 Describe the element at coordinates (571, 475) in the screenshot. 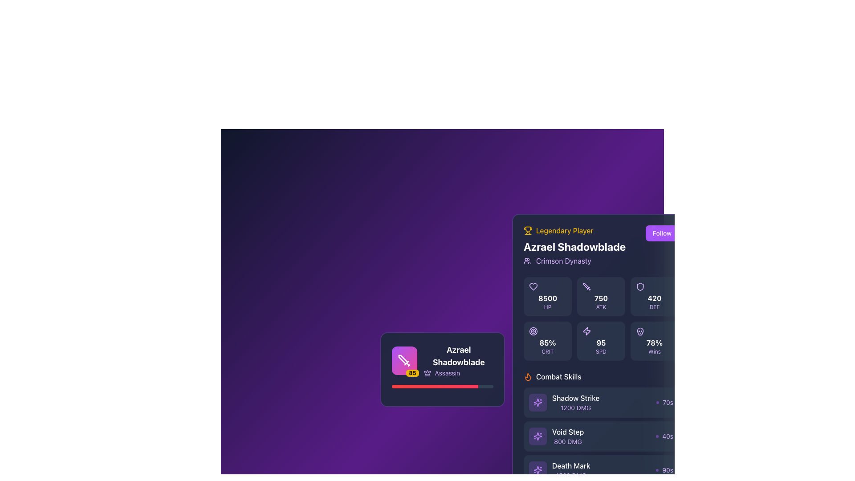

I see `the text label displaying '1500 DMG', which is styled in purple and located below the 'Death Mark' label in the skill section` at that location.